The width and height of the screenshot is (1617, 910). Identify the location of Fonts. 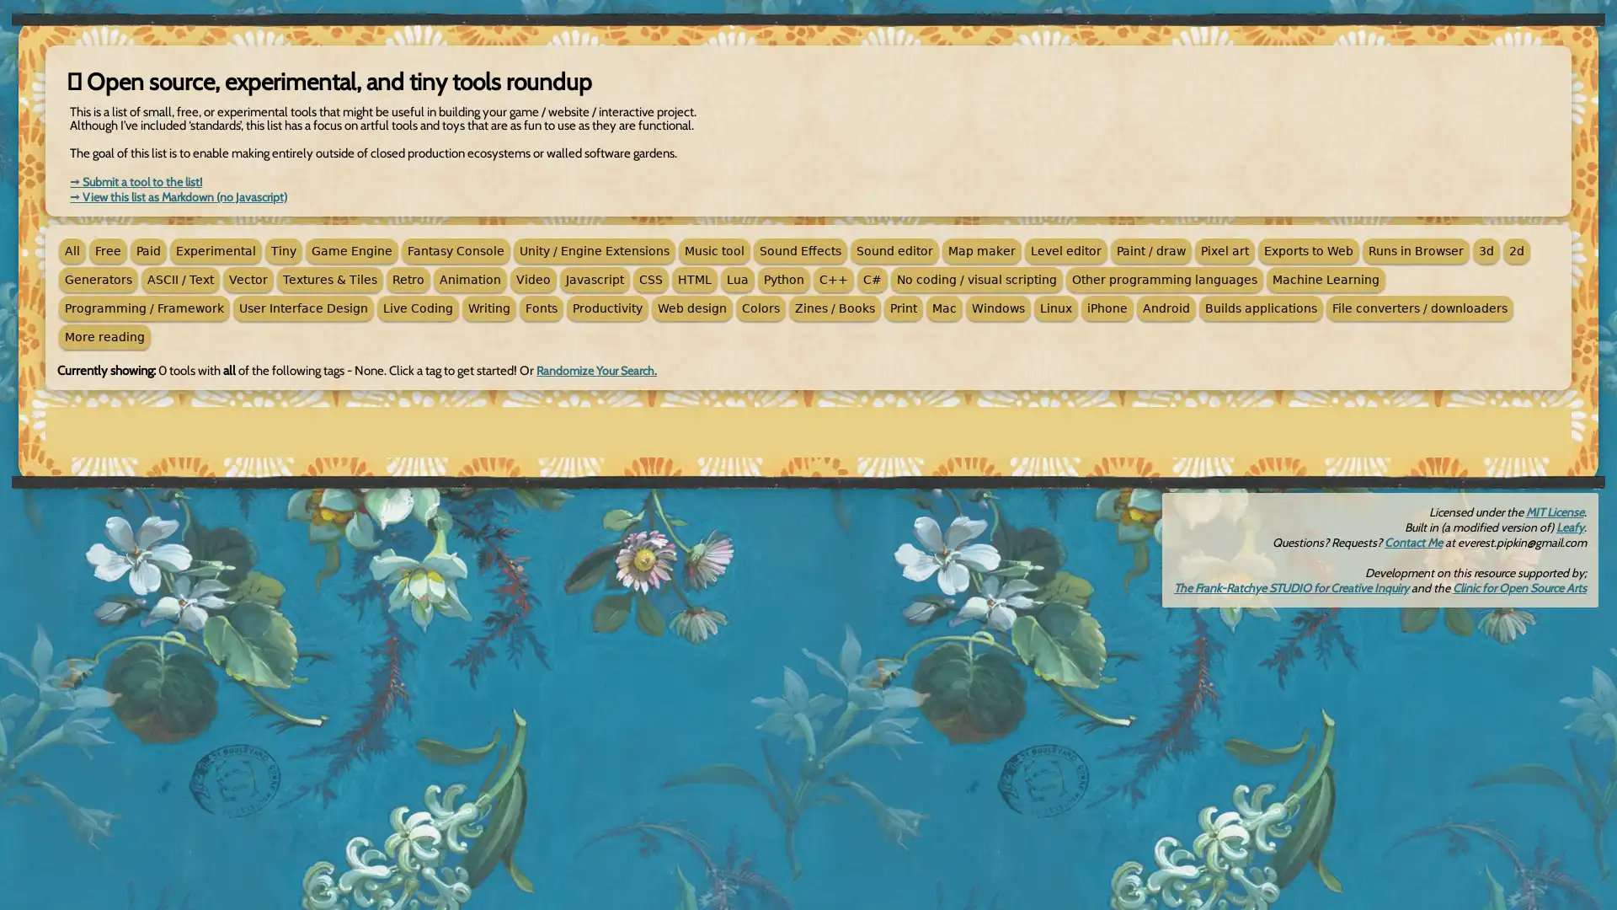
(542, 308).